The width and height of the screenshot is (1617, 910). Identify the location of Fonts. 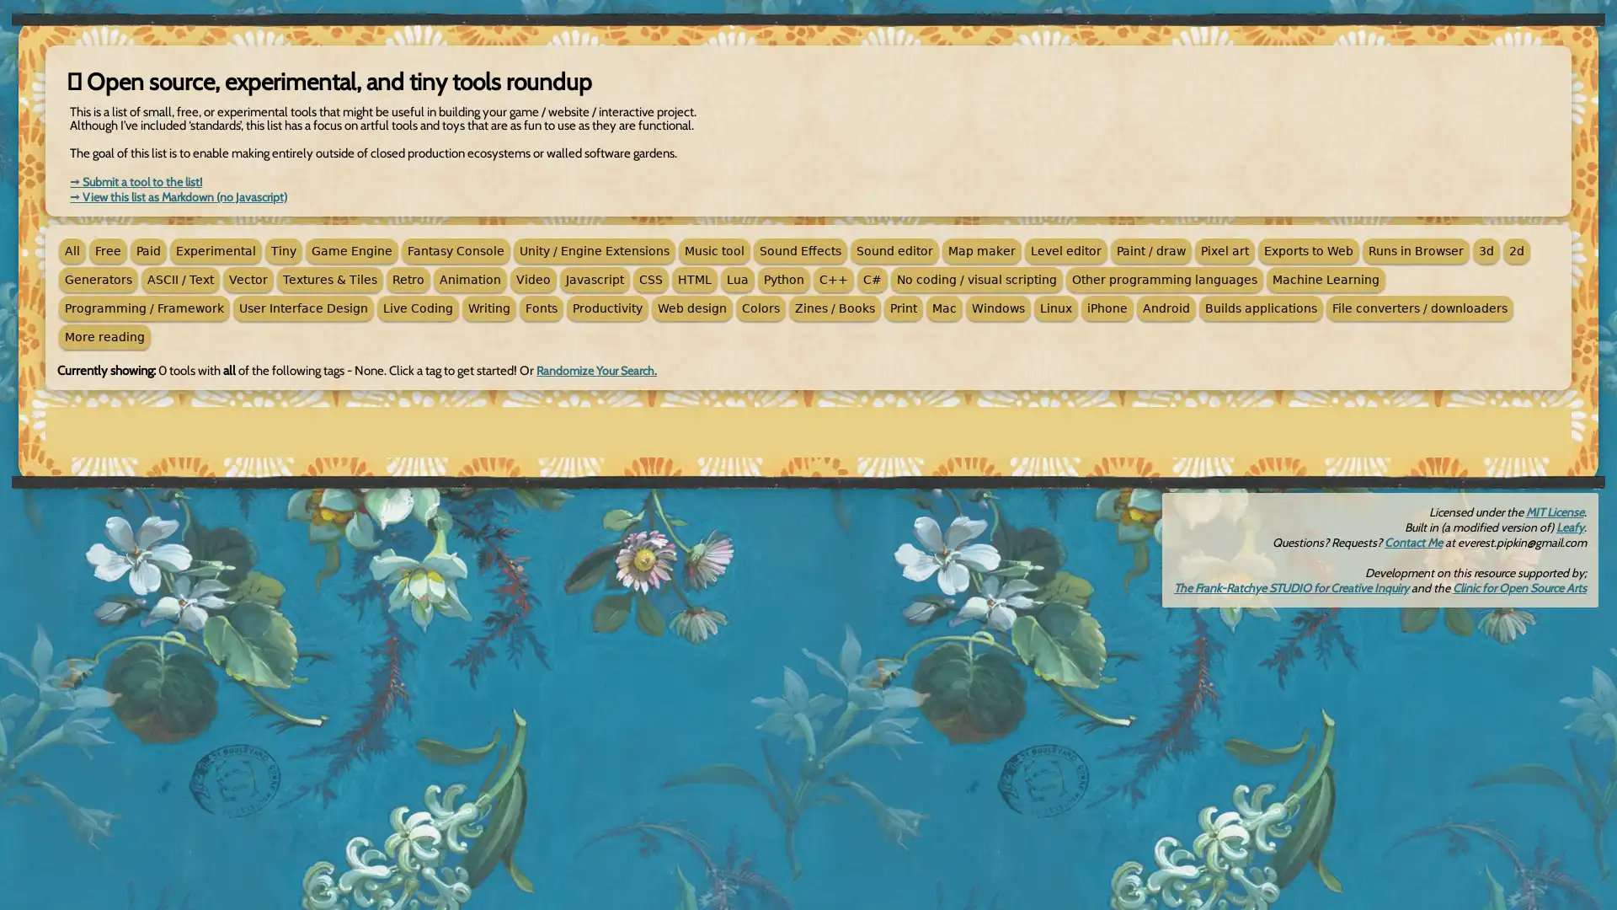
(542, 308).